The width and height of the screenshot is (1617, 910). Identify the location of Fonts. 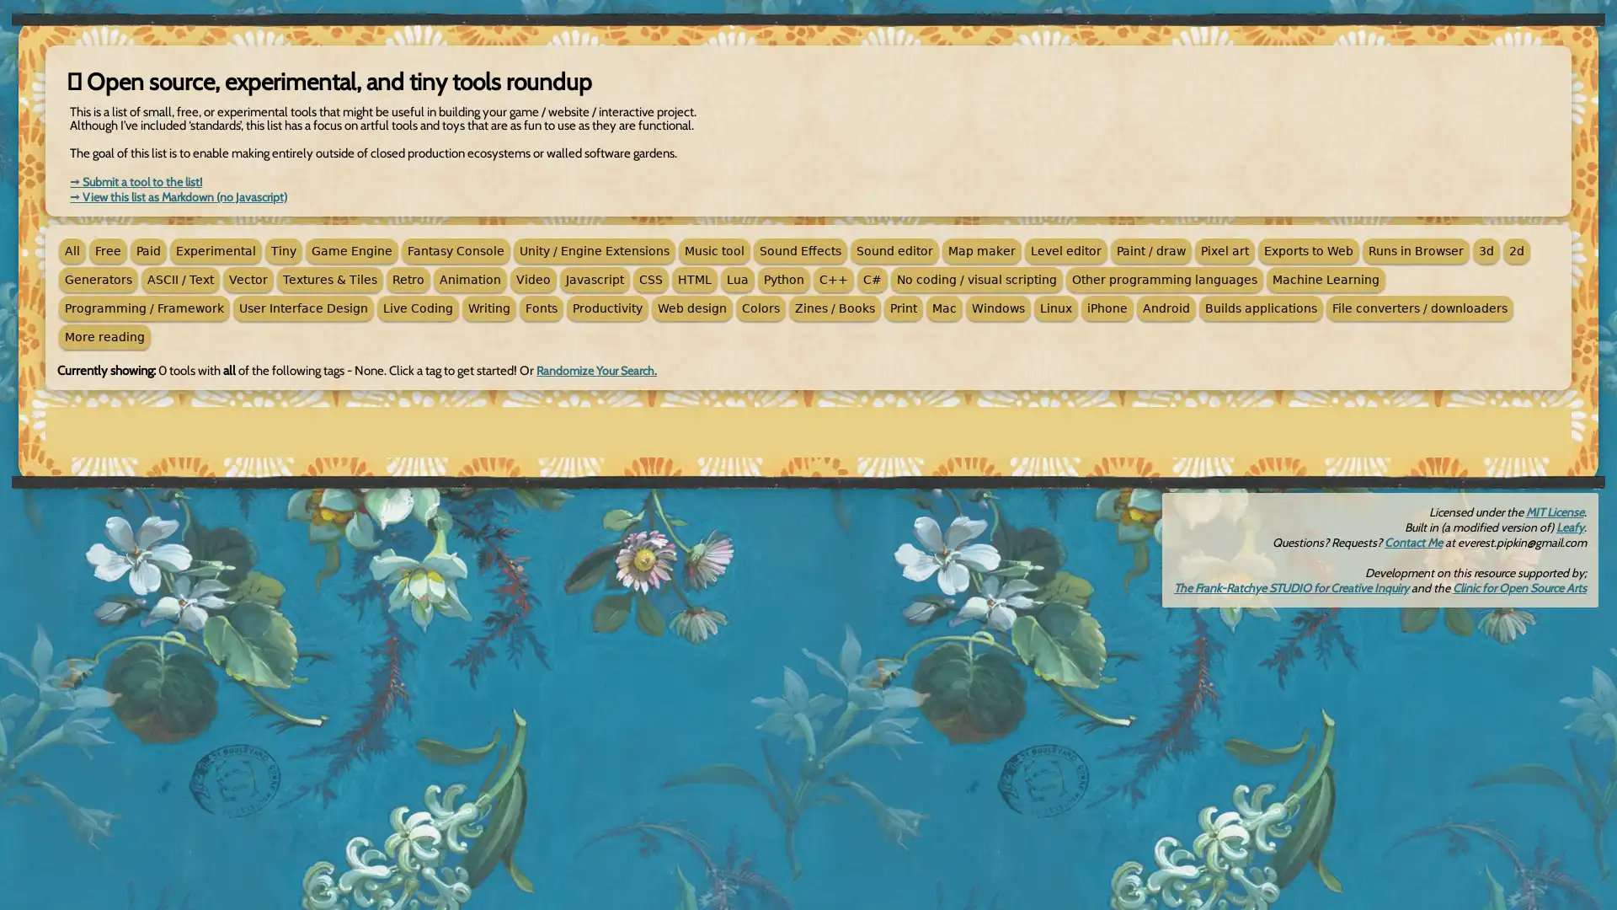
(542, 308).